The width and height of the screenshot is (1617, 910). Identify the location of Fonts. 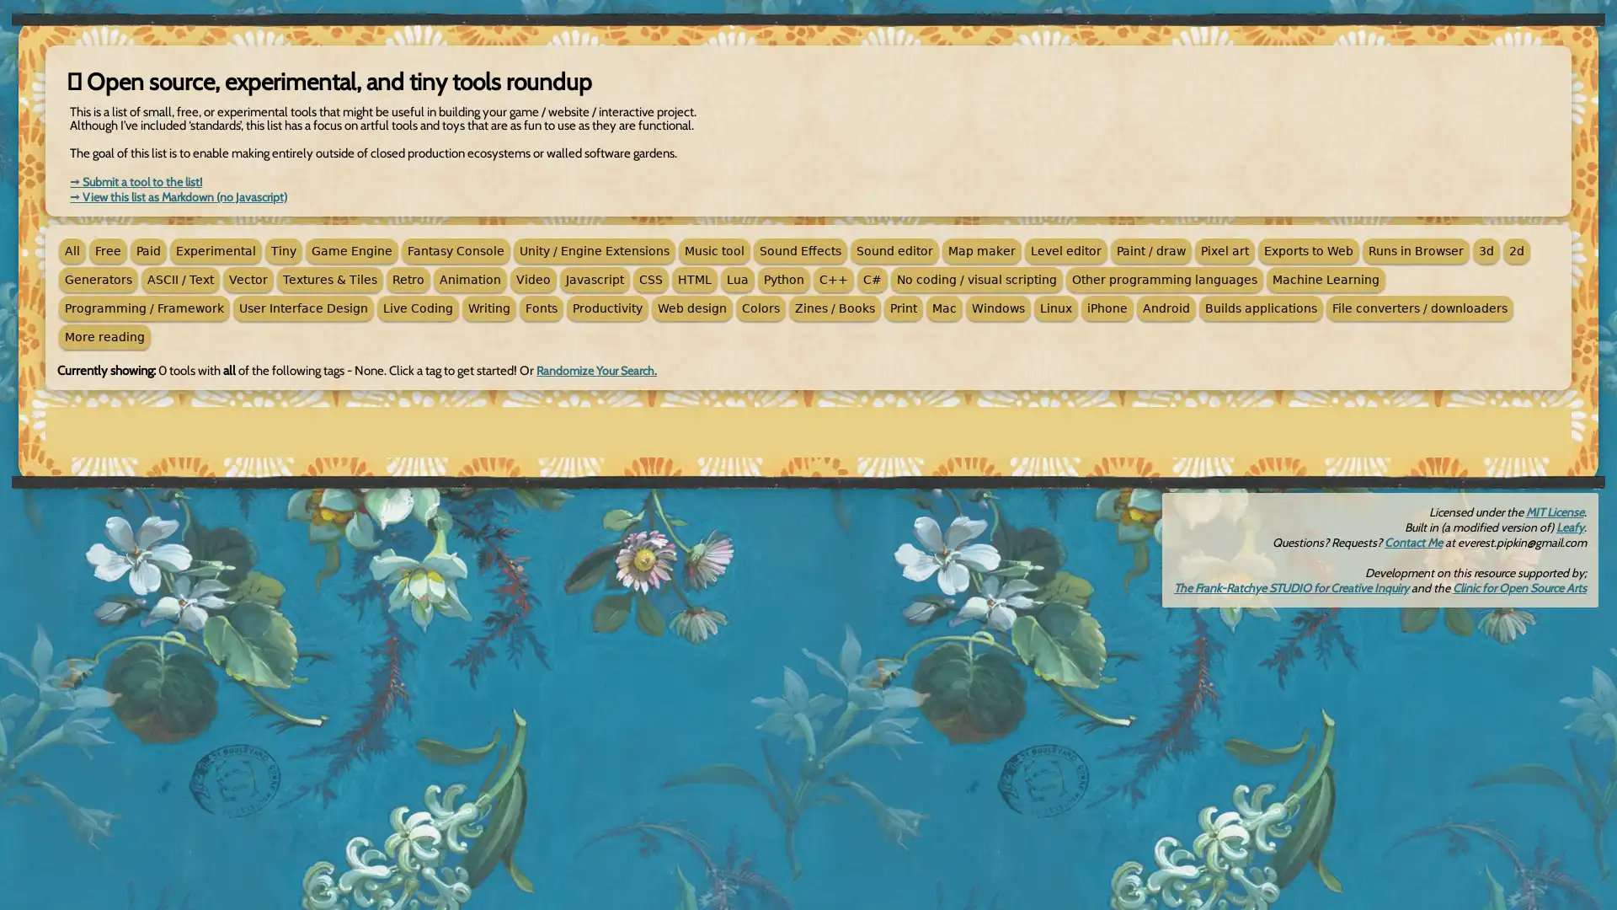
(542, 308).